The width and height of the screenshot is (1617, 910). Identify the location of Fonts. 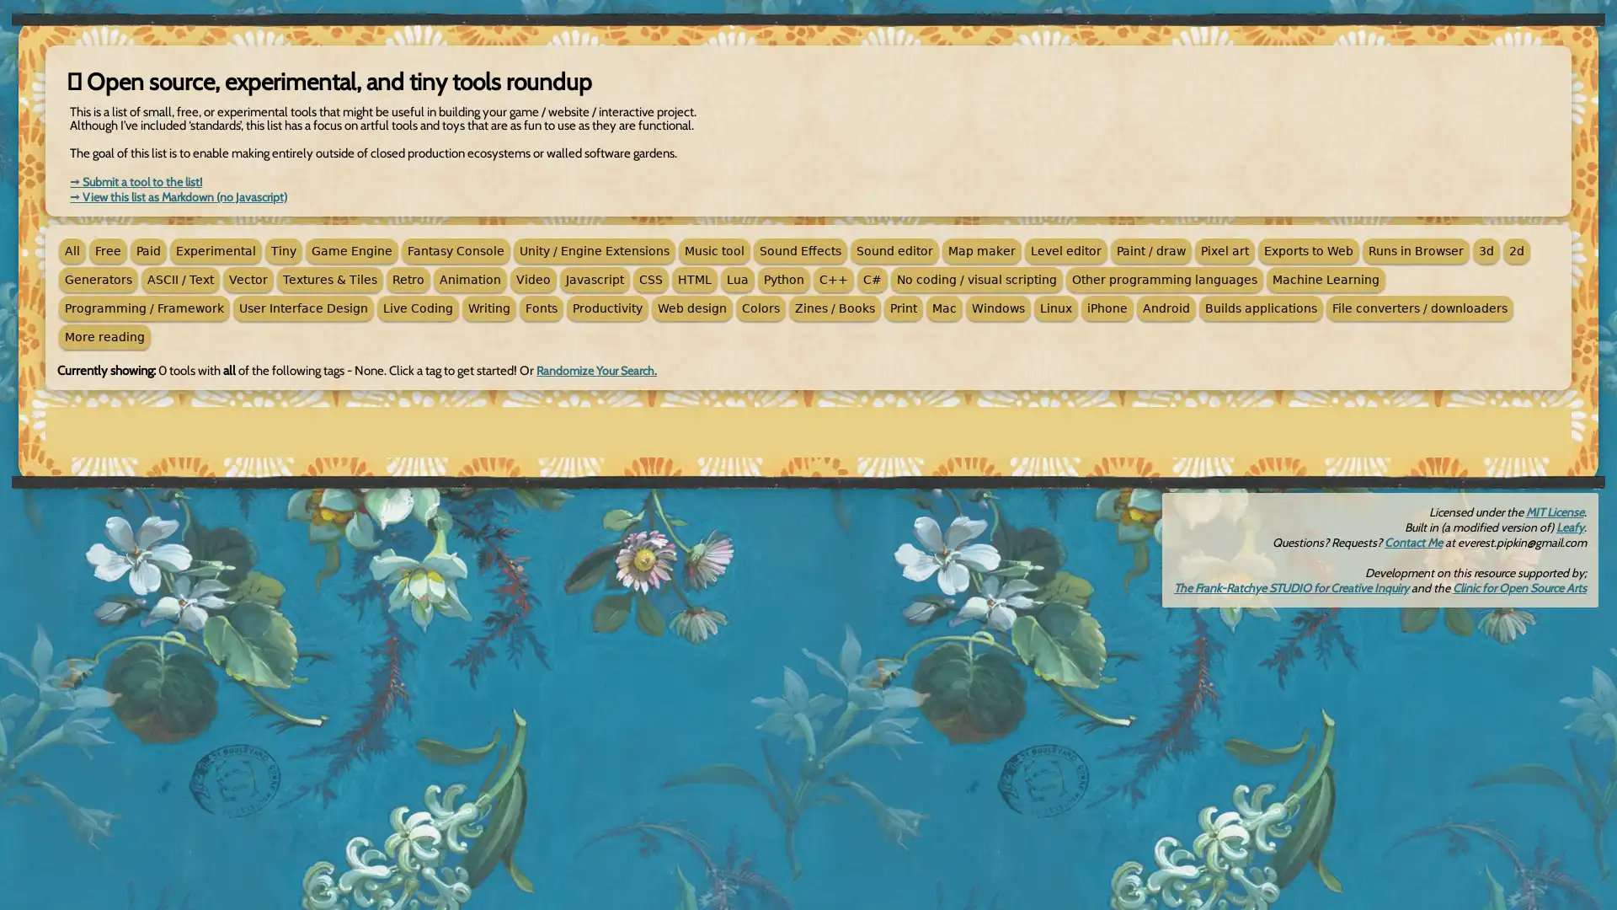
(542, 308).